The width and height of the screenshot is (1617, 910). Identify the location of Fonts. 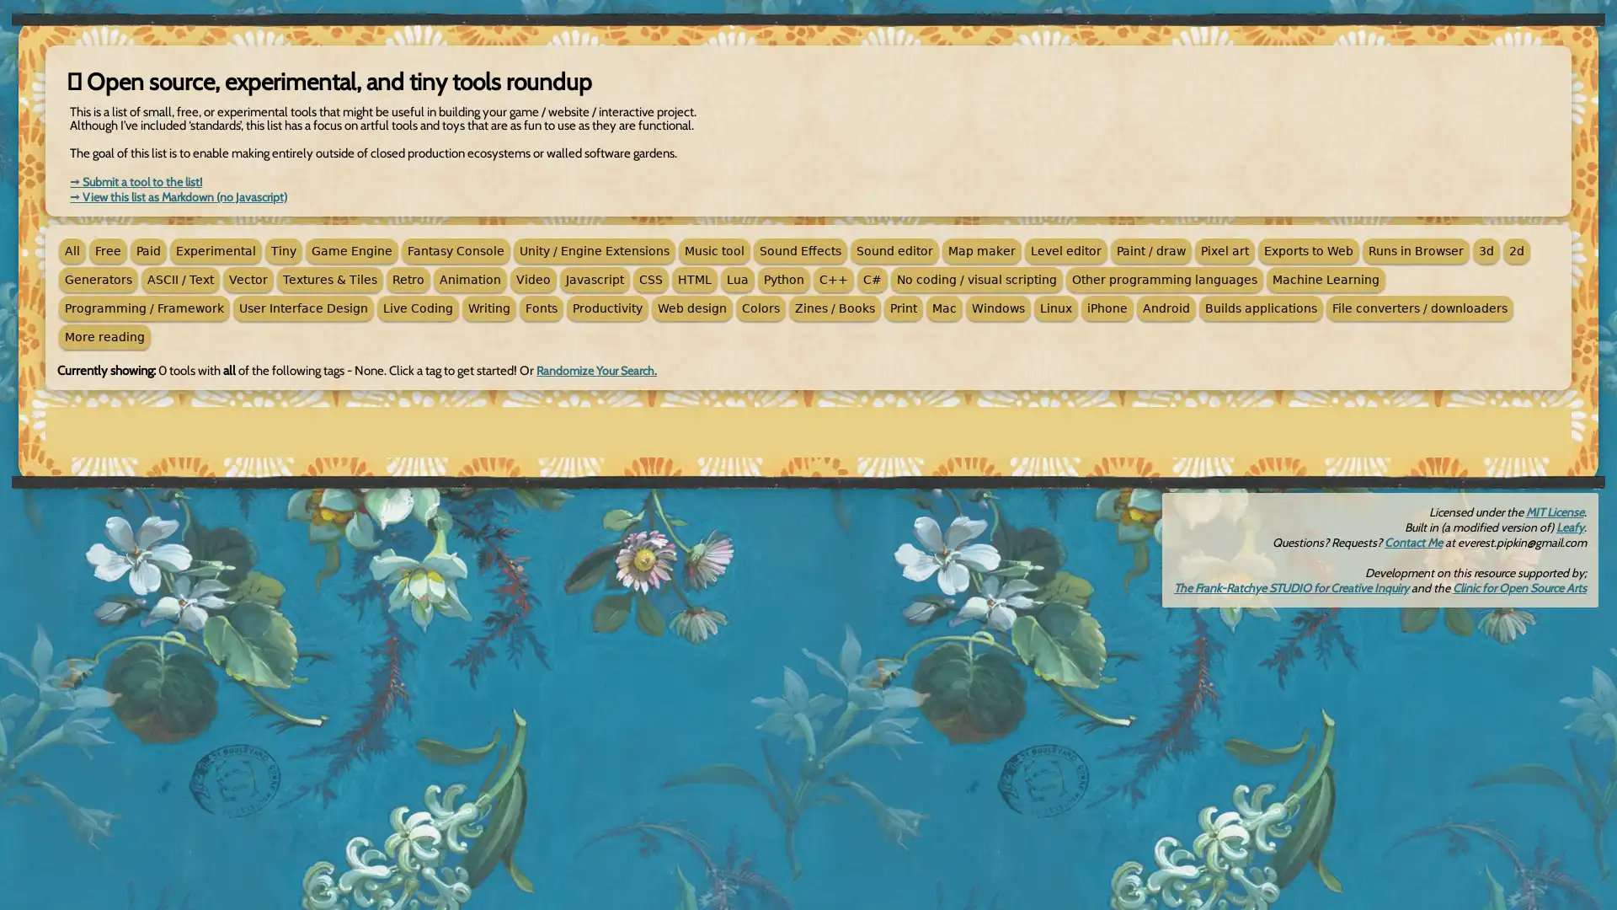
(542, 308).